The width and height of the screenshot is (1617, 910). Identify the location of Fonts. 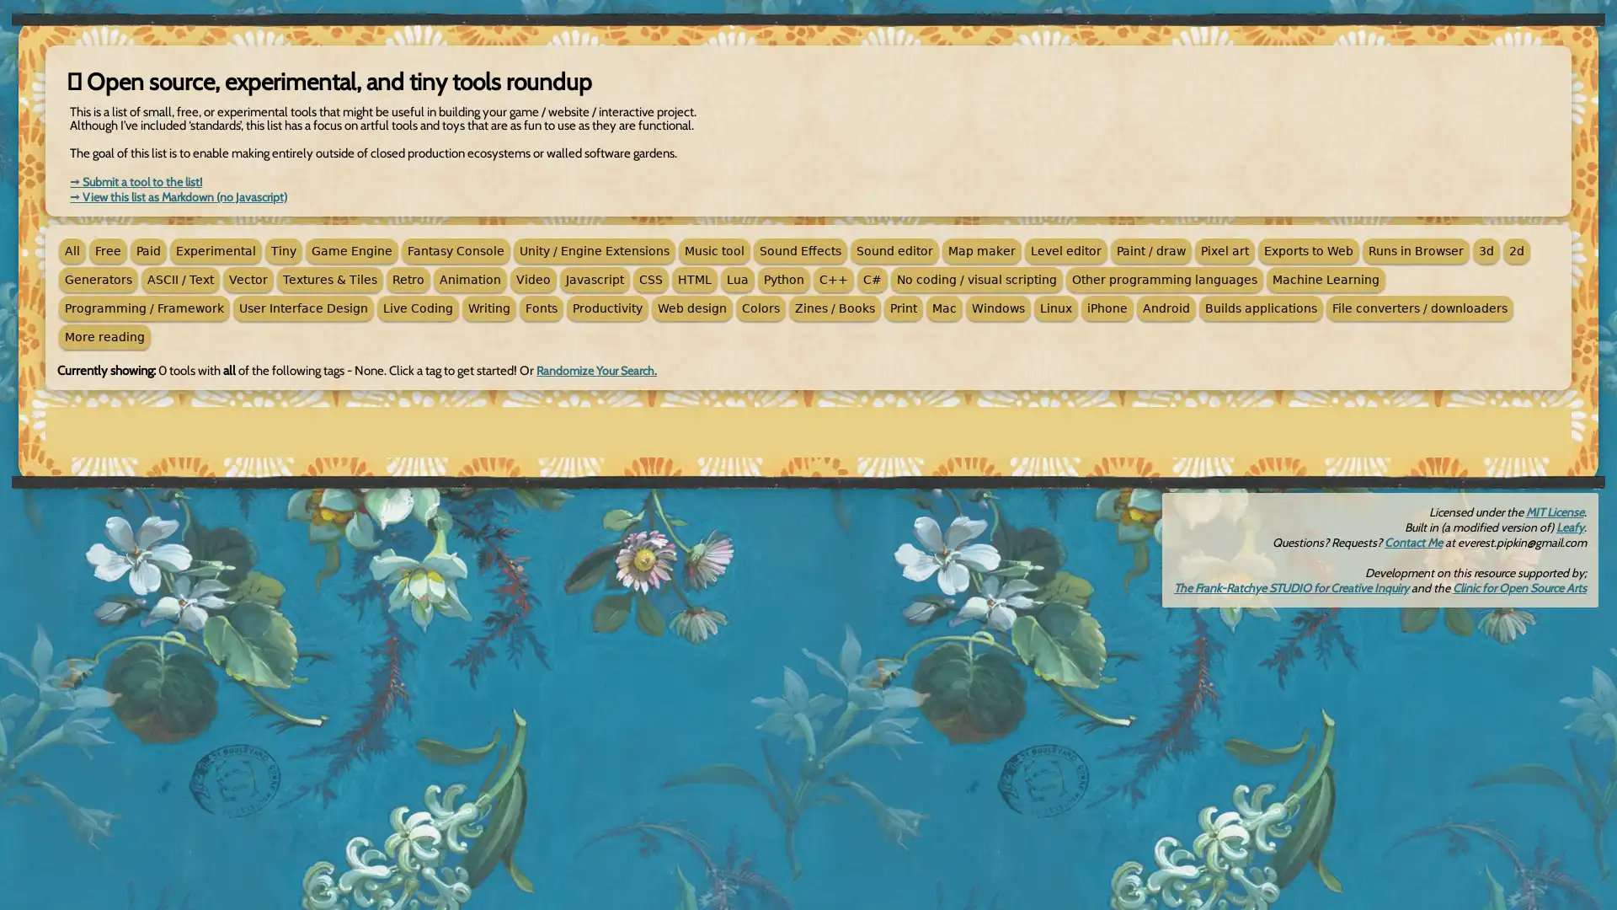
(542, 308).